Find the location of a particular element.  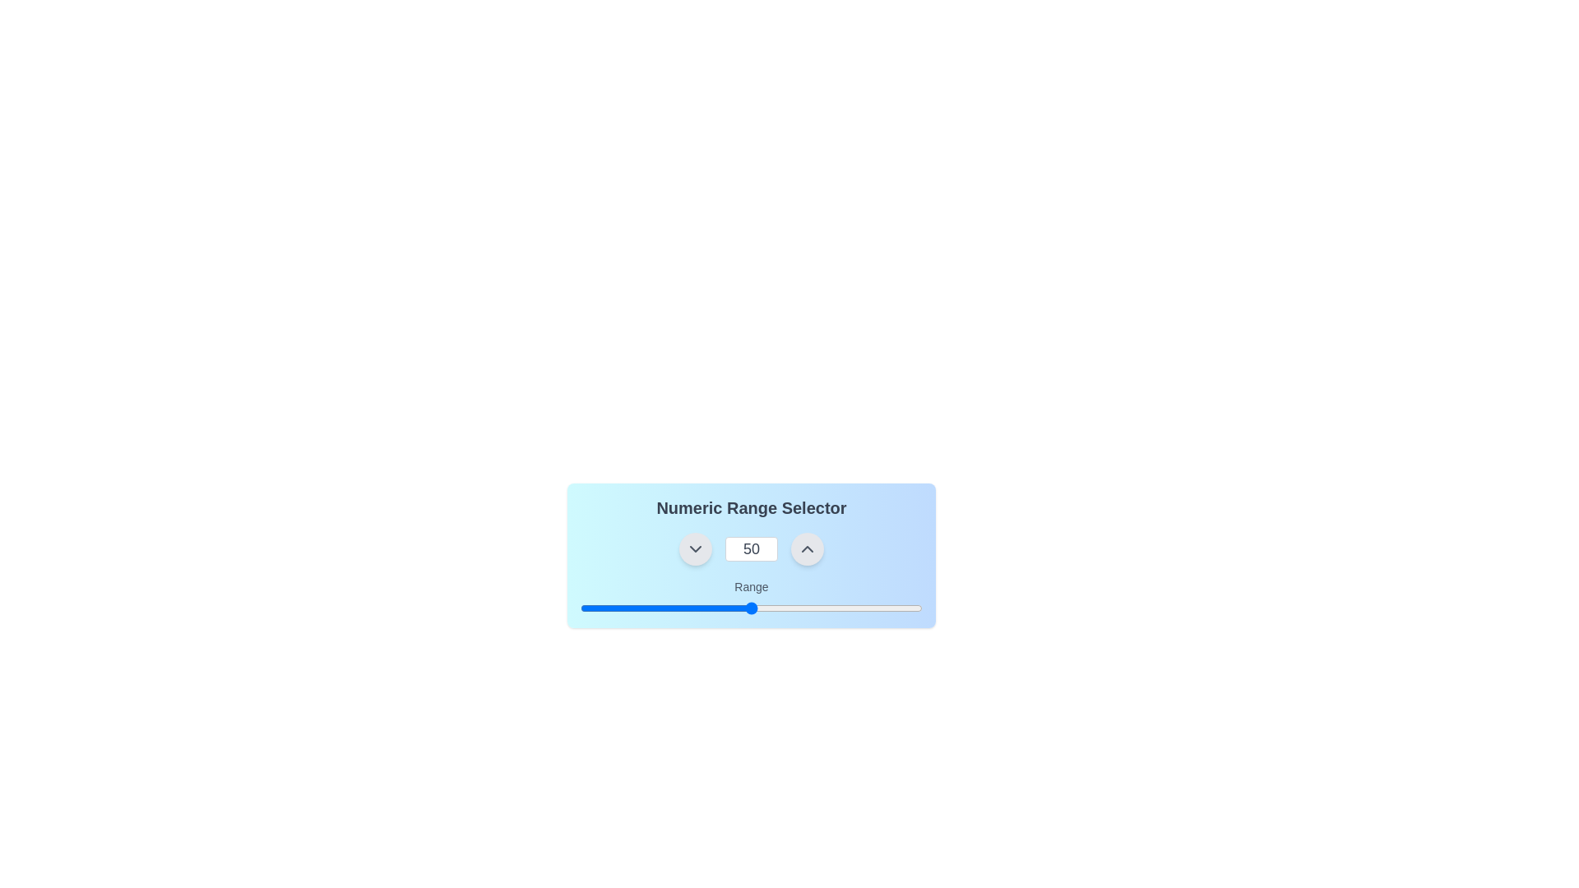

the small, downward-facing chevron icon with a gray color inside the circular button is located at coordinates (695, 548).